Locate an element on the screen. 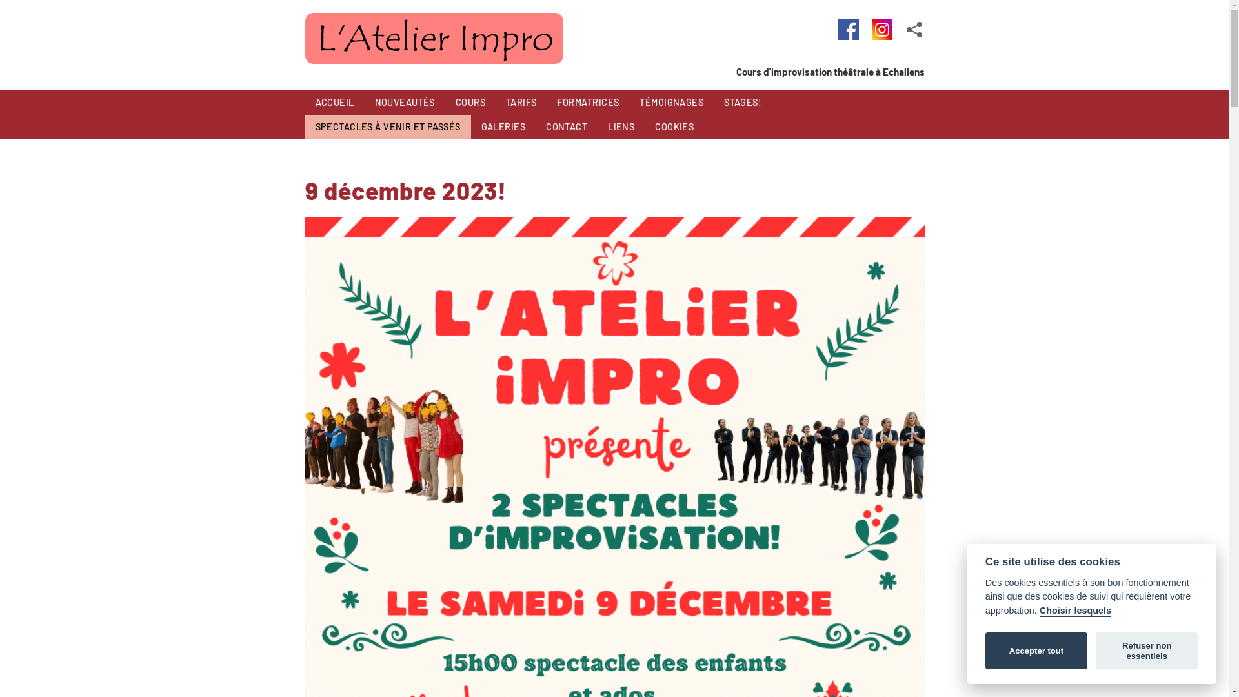 The width and height of the screenshot is (1239, 697). 'COURS' is located at coordinates (470, 101).